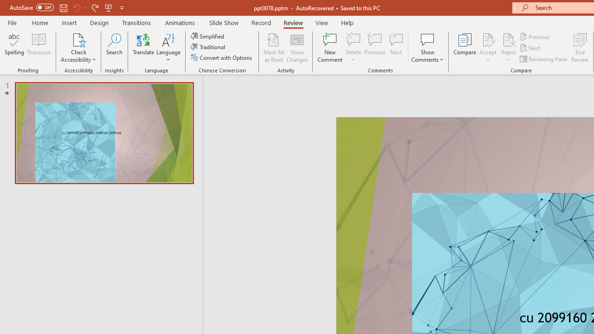 The height and width of the screenshot is (334, 594). What do you see at coordinates (531, 48) in the screenshot?
I see `'Next'` at bounding box center [531, 48].